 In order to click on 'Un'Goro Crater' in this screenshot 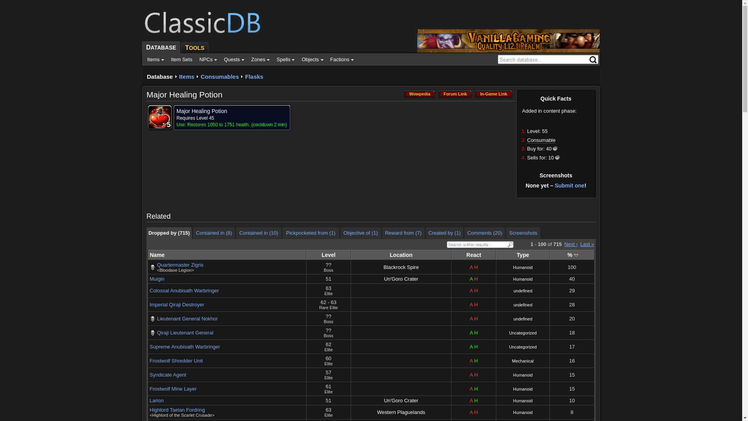, I will do `click(401, 278)`.